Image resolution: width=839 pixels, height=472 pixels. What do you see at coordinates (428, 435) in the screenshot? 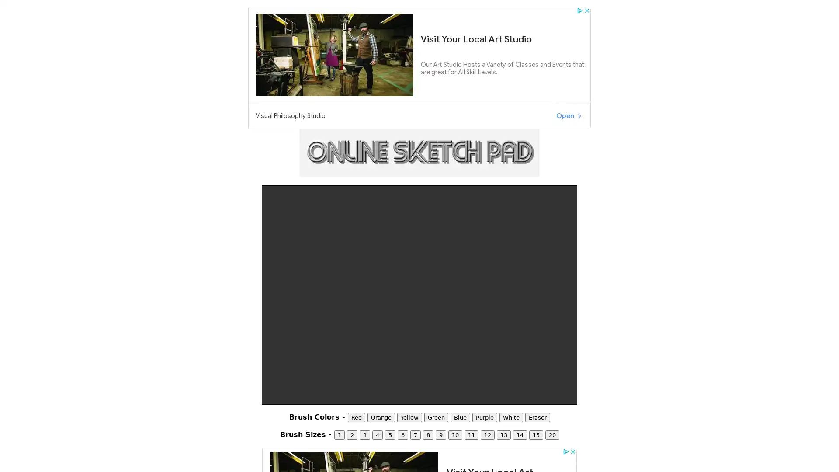
I see `8` at bounding box center [428, 435].